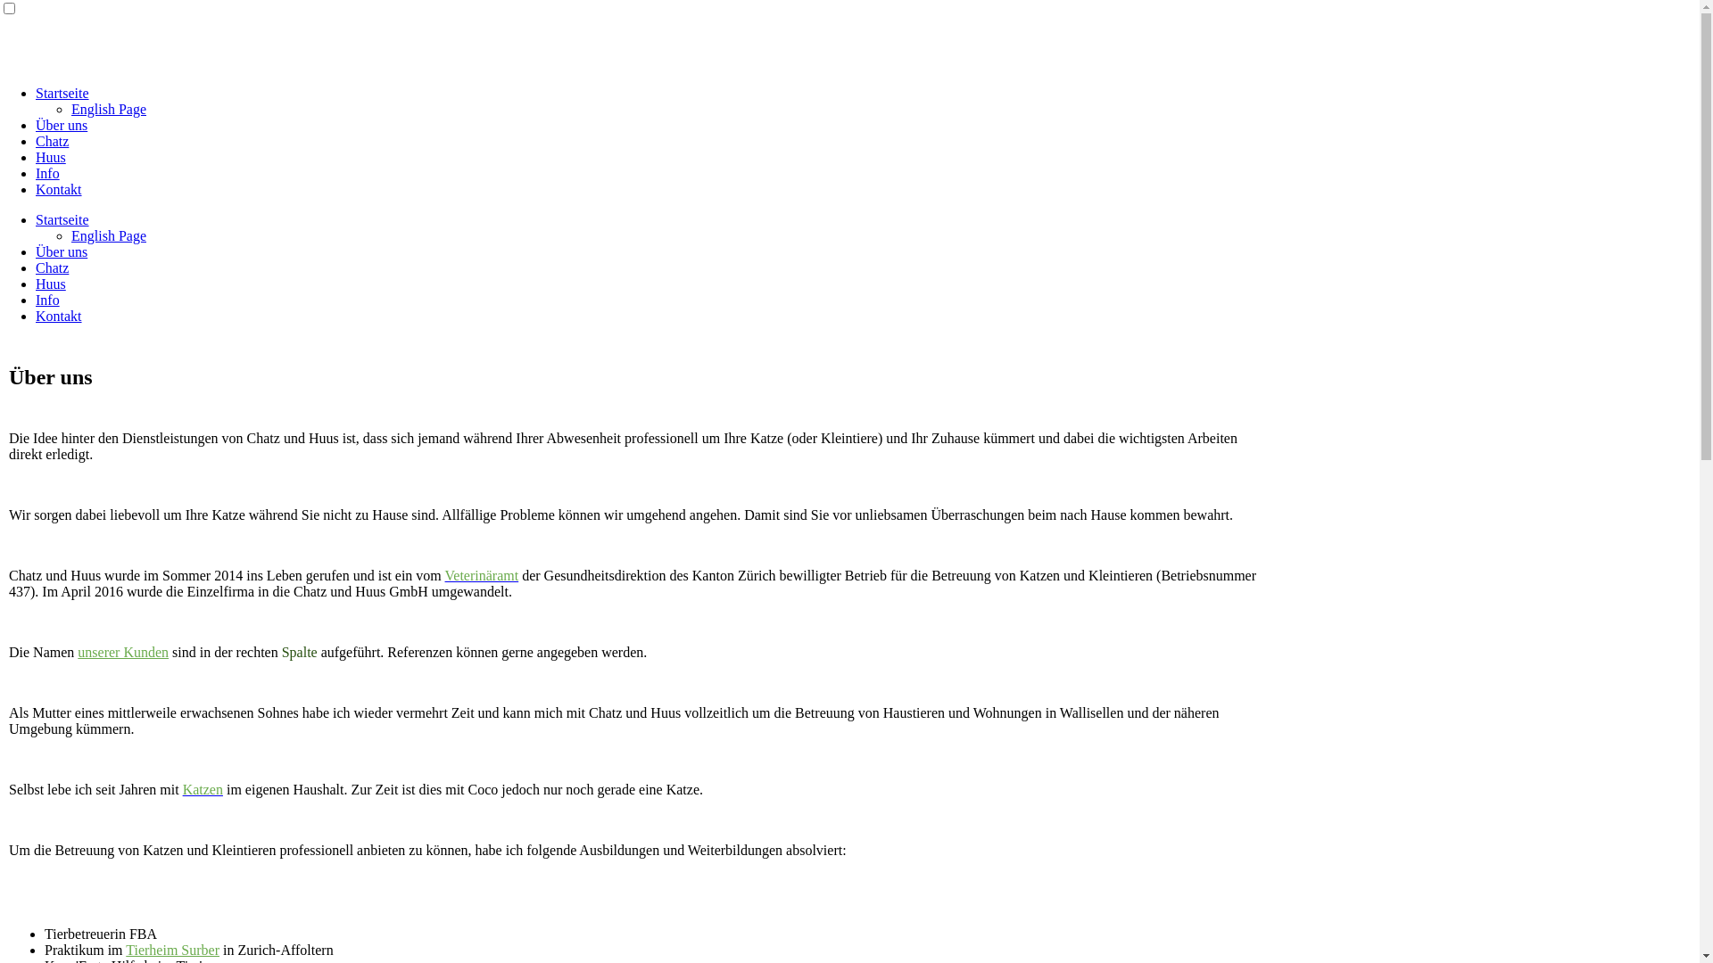 Image resolution: width=1713 pixels, height=963 pixels. Describe the element at coordinates (52, 267) in the screenshot. I see `'Chatz'` at that location.